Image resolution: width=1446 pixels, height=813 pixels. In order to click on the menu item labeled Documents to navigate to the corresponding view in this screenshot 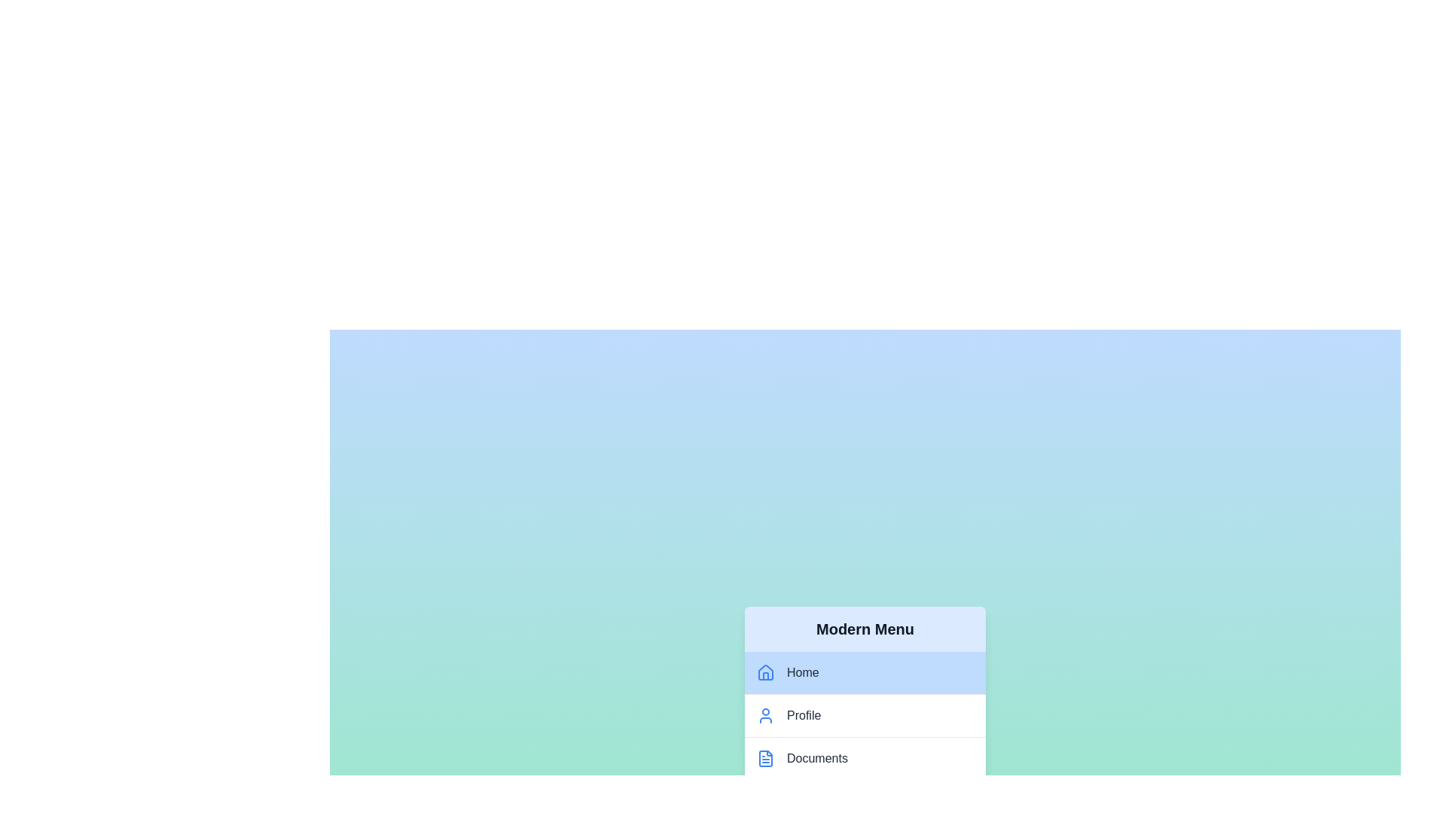, I will do `click(865, 758)`.